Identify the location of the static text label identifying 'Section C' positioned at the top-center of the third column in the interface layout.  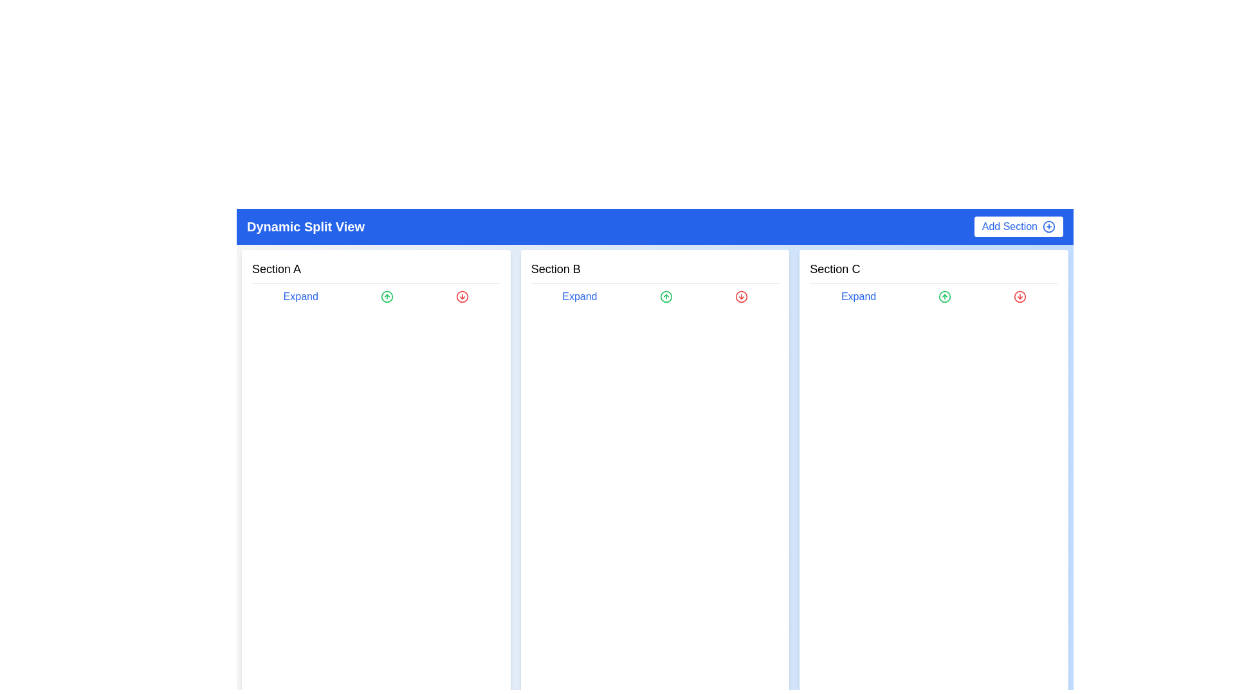
(835, 269).